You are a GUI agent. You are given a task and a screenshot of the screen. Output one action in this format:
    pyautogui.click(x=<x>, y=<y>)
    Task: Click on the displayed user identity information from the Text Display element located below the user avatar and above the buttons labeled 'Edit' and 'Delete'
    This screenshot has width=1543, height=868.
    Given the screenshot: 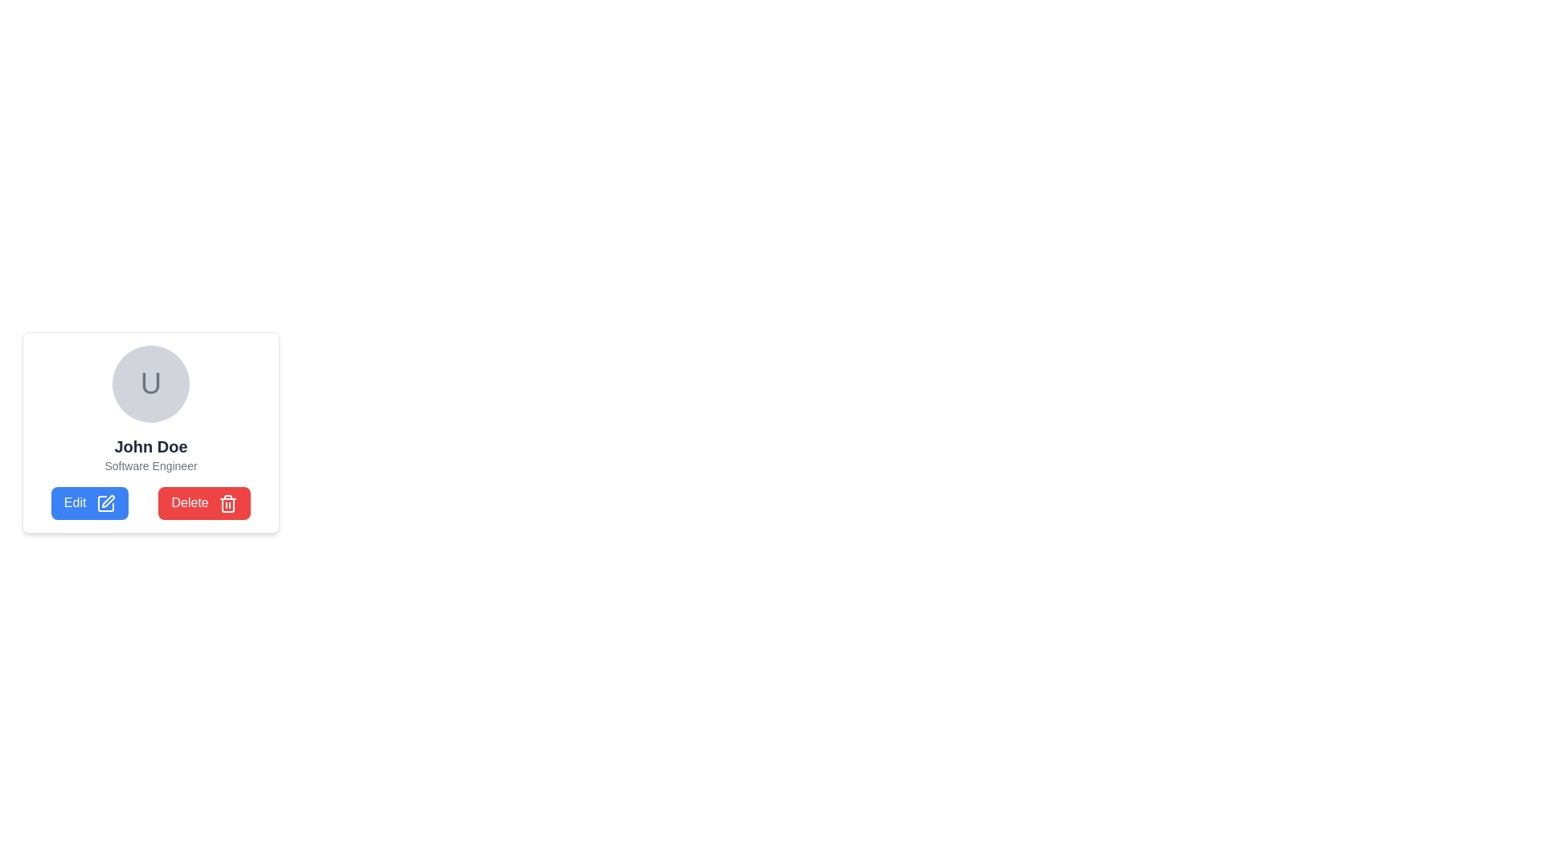 What is the action you would take?
    pyautogui.click(x=150, y=461)
    